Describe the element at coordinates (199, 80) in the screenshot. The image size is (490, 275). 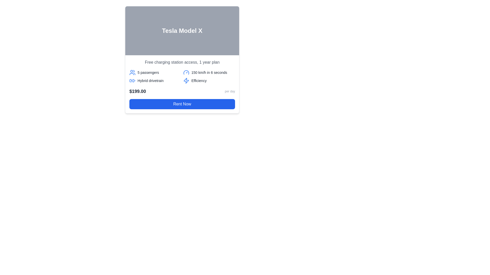
I see `the text label that represents an attribute of the car's performance, located to the right of the 'Efficiency' icon and below other car details` at that location.